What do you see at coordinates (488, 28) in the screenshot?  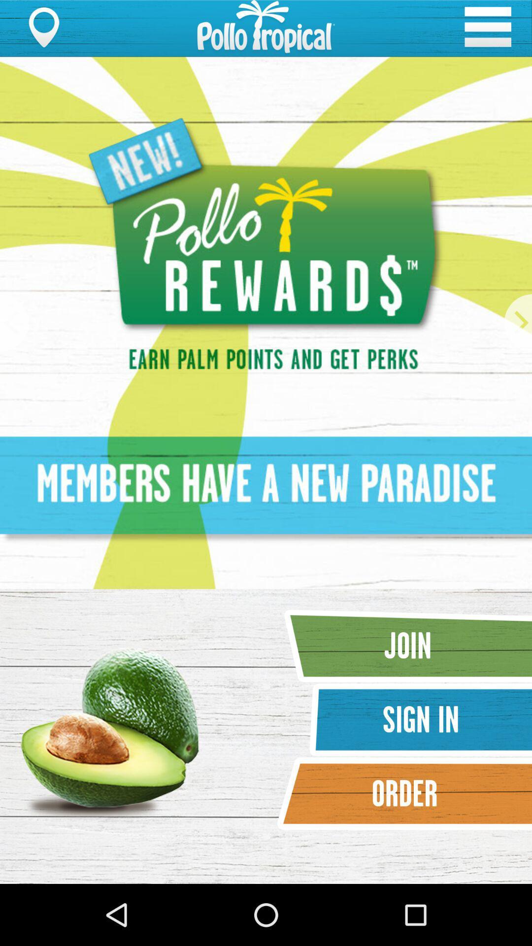 I see `the menu icon` at bounding box center [488, 28].